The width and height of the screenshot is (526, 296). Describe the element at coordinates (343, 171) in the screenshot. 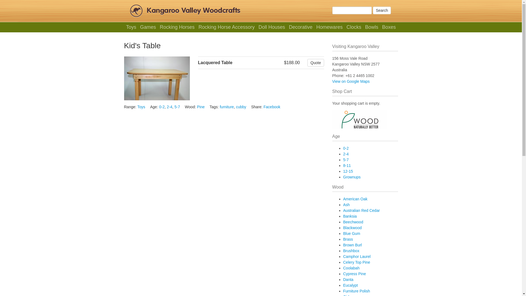

I see `'12-15'` at that location.